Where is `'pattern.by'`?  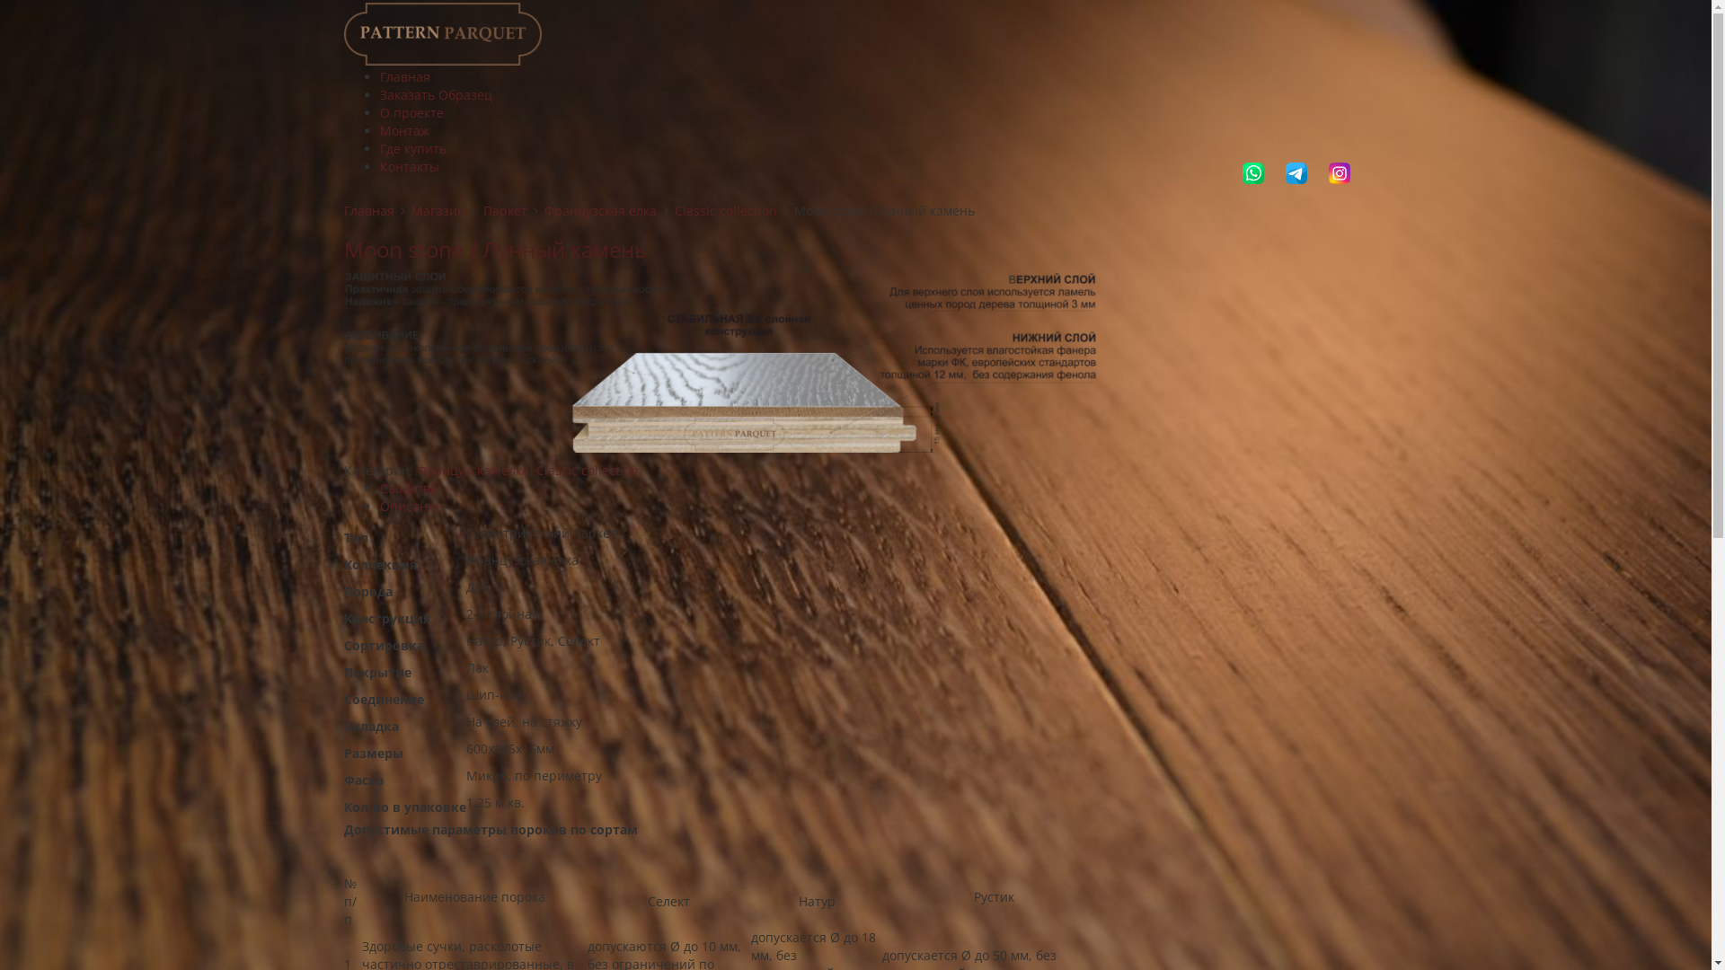
'pattern.by' is located at coordinates (441, 32).